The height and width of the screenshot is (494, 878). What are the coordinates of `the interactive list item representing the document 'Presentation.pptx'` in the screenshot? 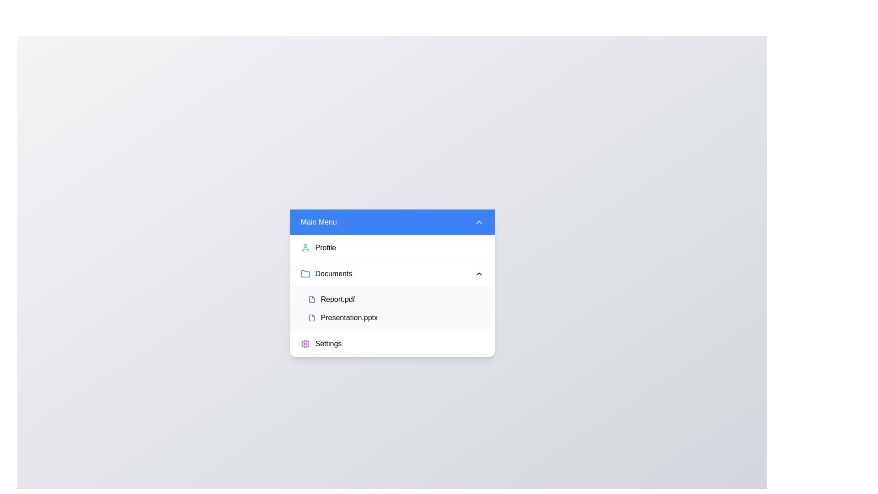 It's located at (401, 317).